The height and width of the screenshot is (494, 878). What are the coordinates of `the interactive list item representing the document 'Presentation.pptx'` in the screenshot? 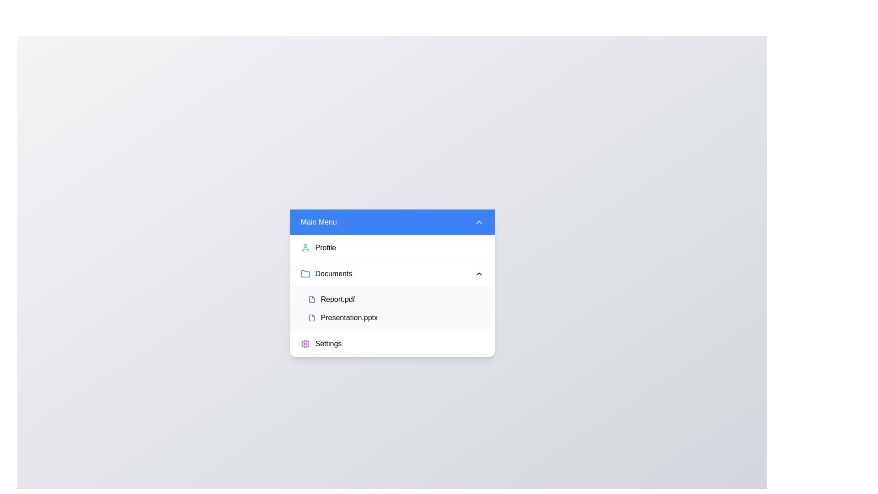 It's located at (401, 317).